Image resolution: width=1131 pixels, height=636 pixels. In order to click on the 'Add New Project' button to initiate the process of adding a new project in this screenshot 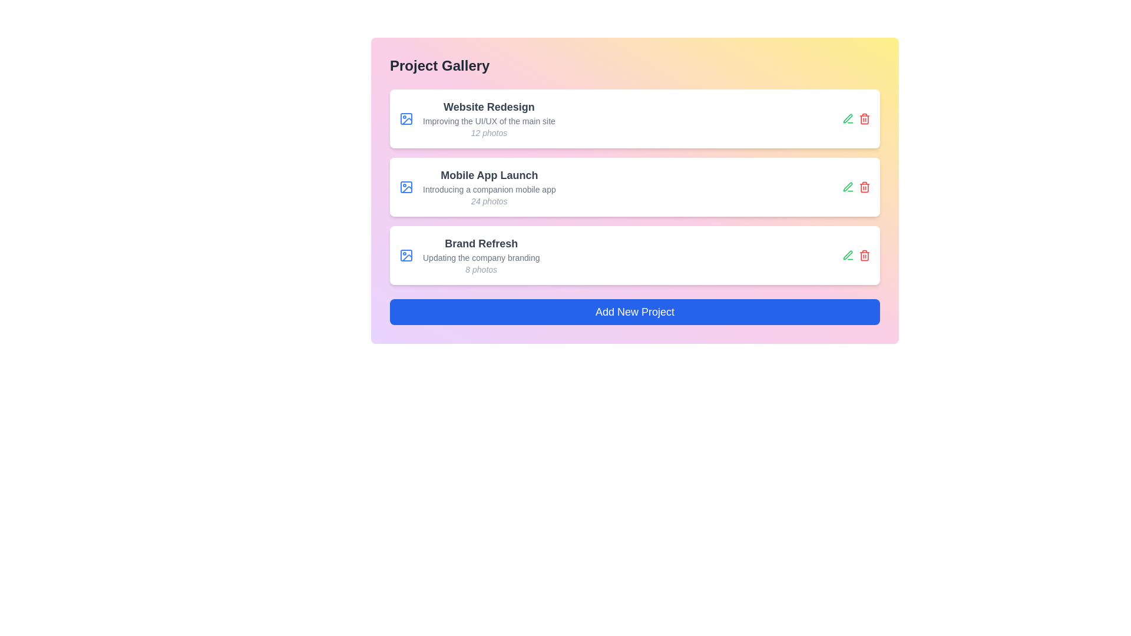, I will do `click(634, 311)`.